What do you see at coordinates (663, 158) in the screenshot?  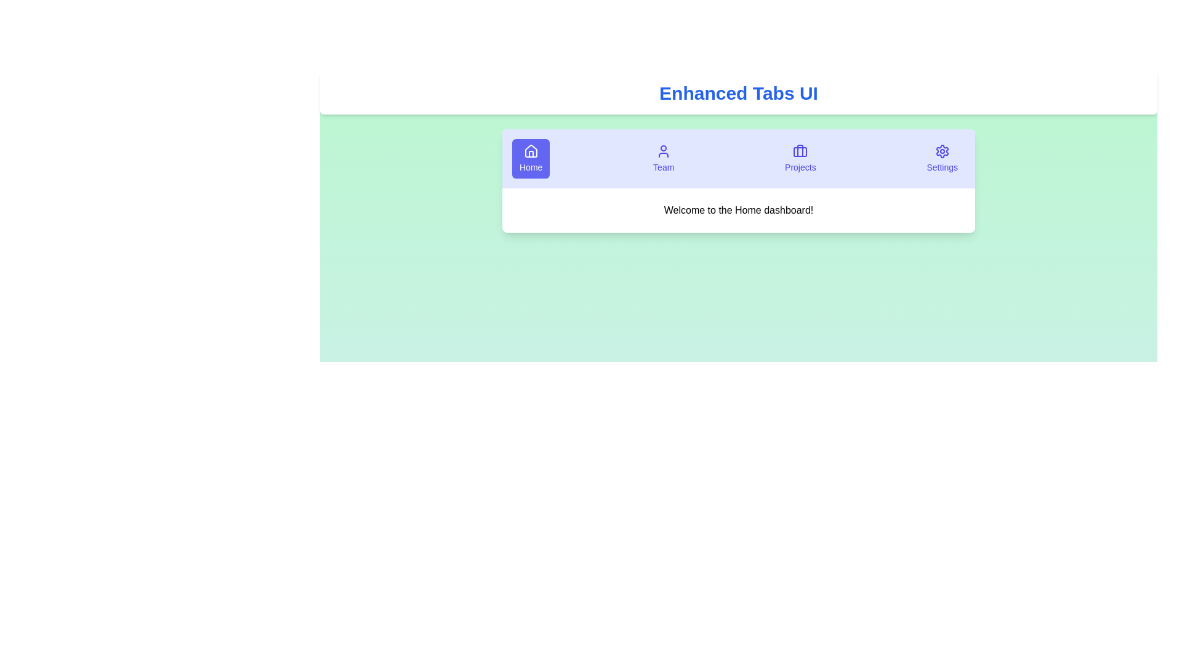 I see `the 'Team' button, which is visually represented by a user icon above the text label 'Team'` at bounding box center [663, 158].